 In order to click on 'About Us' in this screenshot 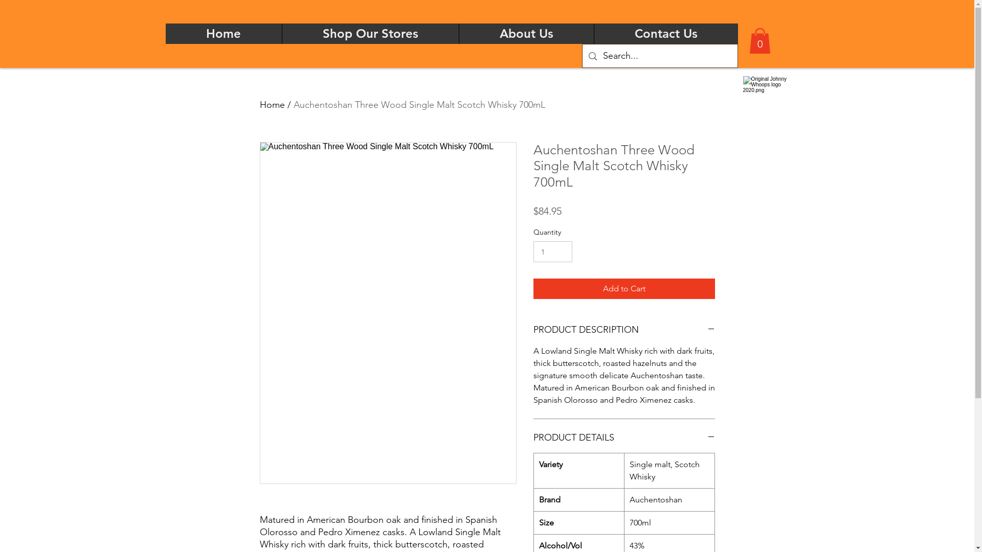, I will do `click(458, 33)`.